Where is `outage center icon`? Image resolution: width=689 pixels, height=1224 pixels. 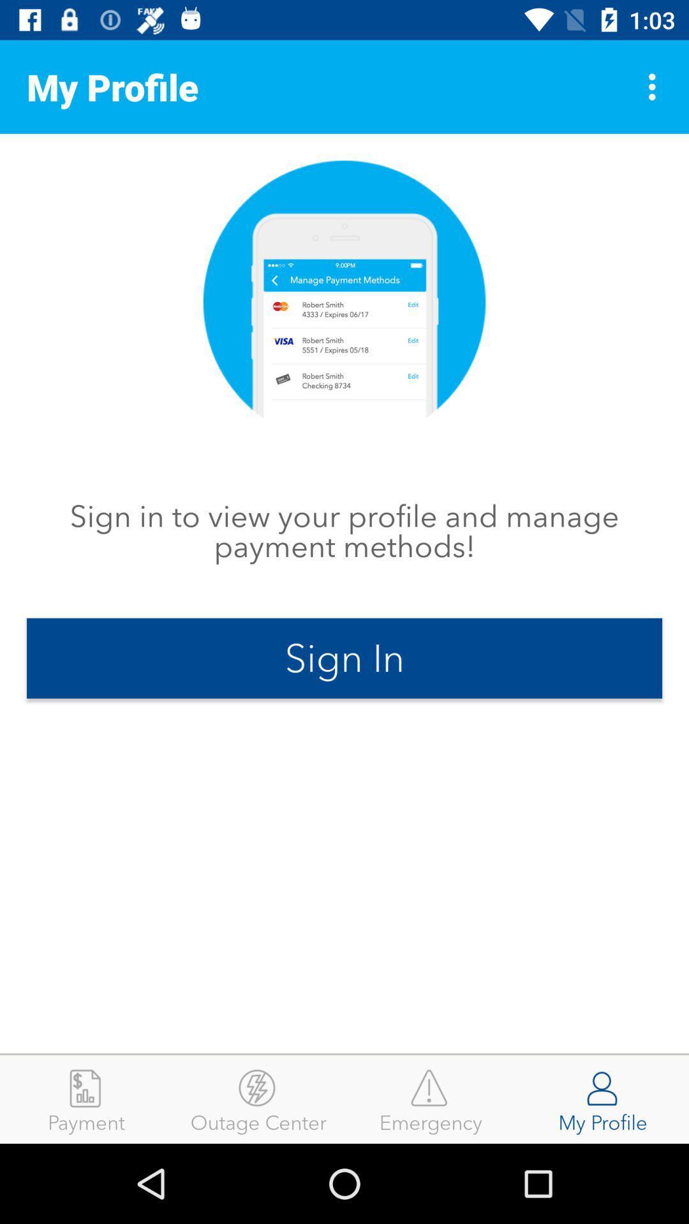
outage center icon is located at coordinates (258, 1098).